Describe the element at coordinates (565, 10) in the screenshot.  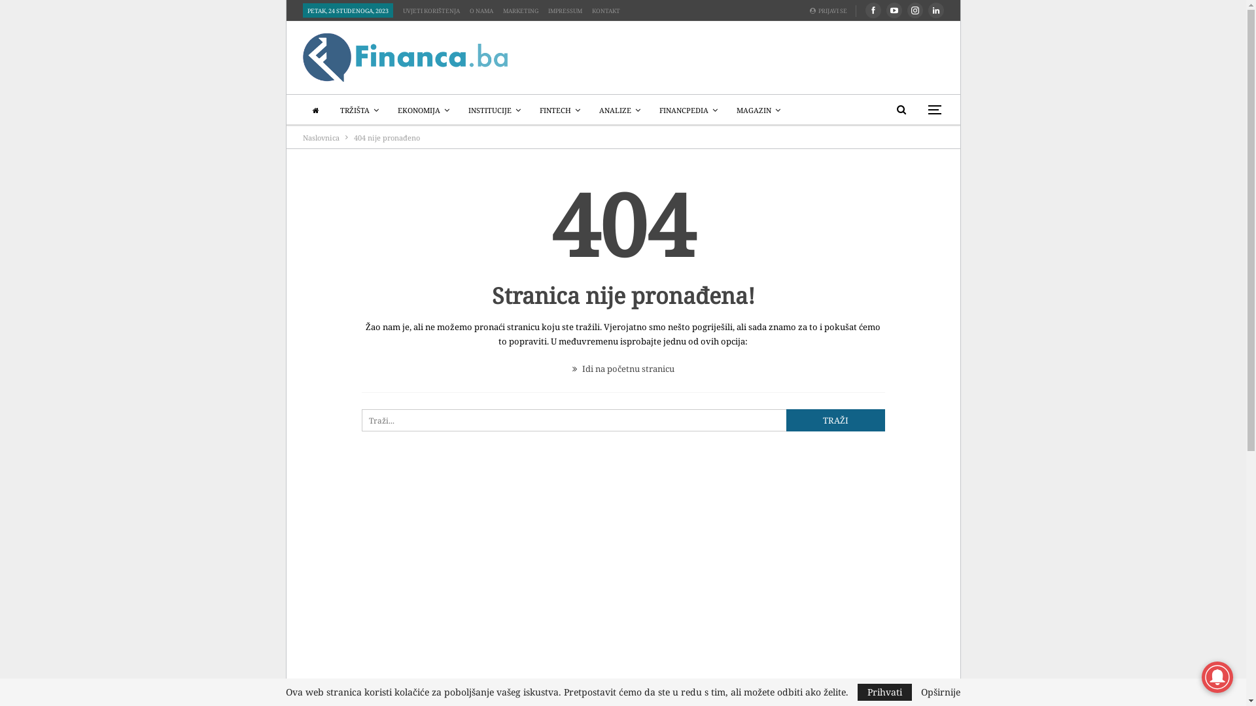
I see `'IMPRESSUM'` at that location.